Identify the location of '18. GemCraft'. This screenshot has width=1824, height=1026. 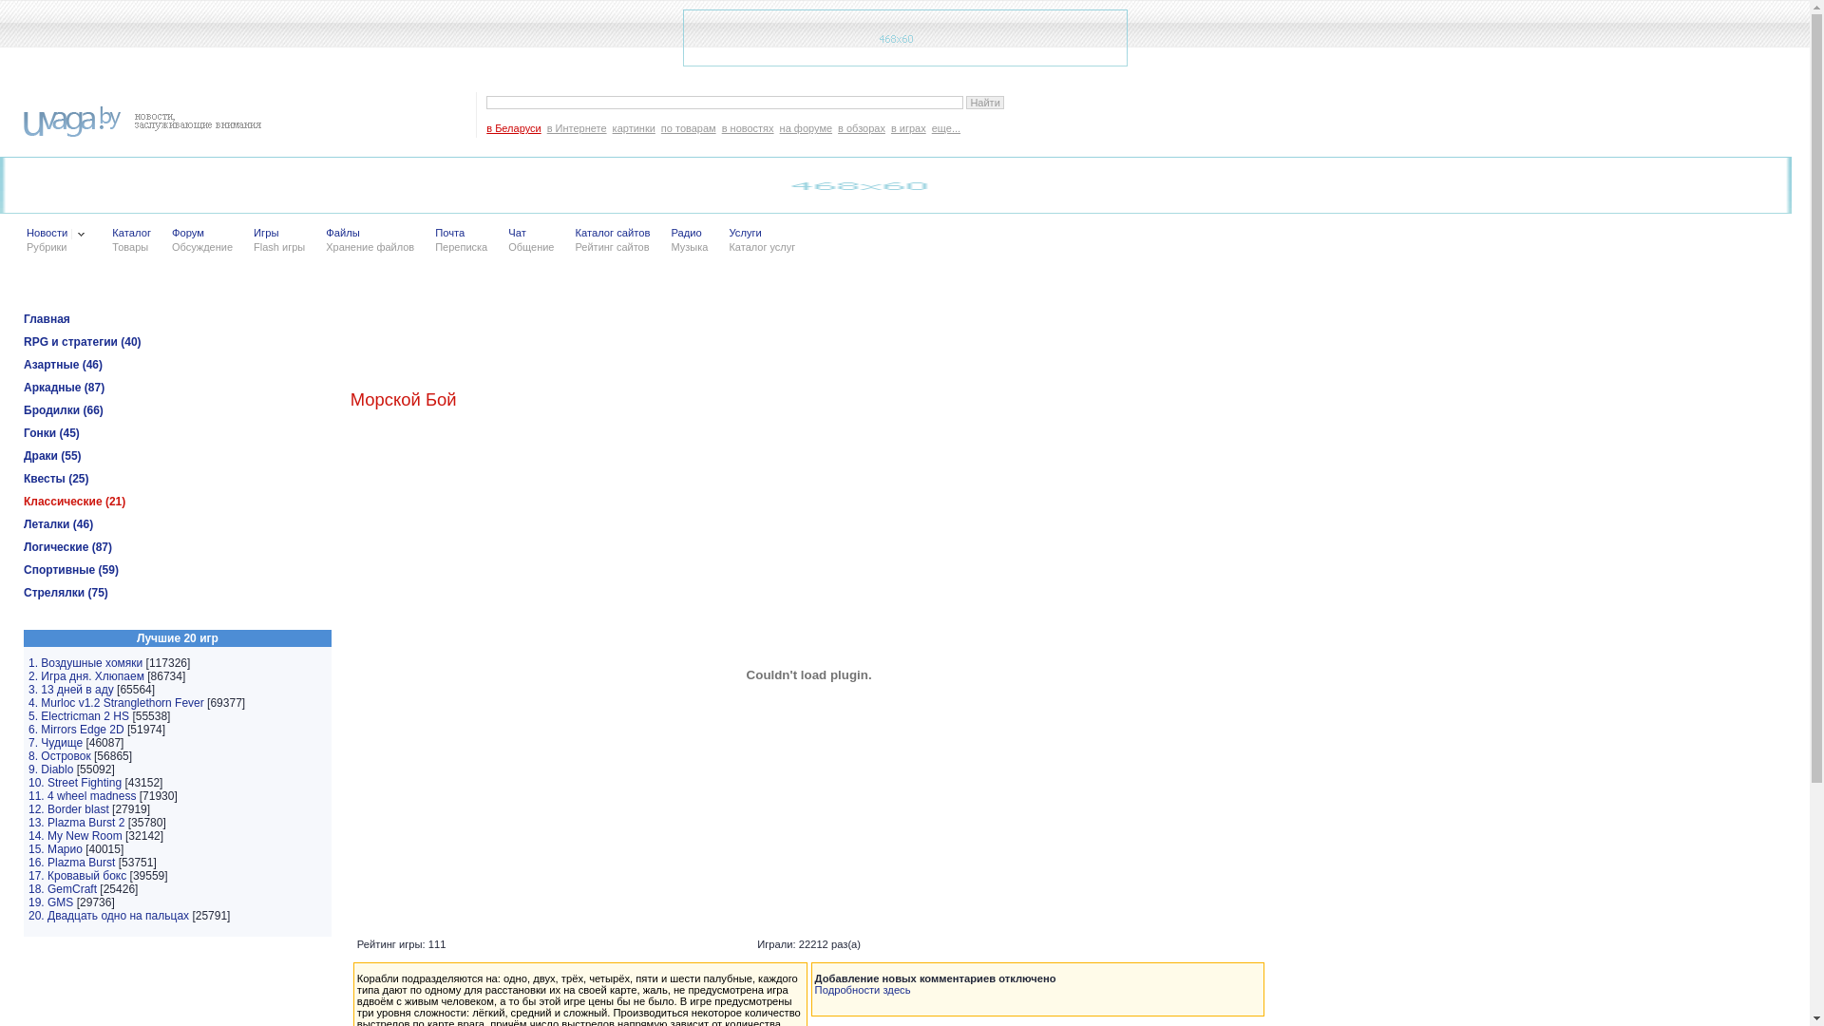
(28, 889).